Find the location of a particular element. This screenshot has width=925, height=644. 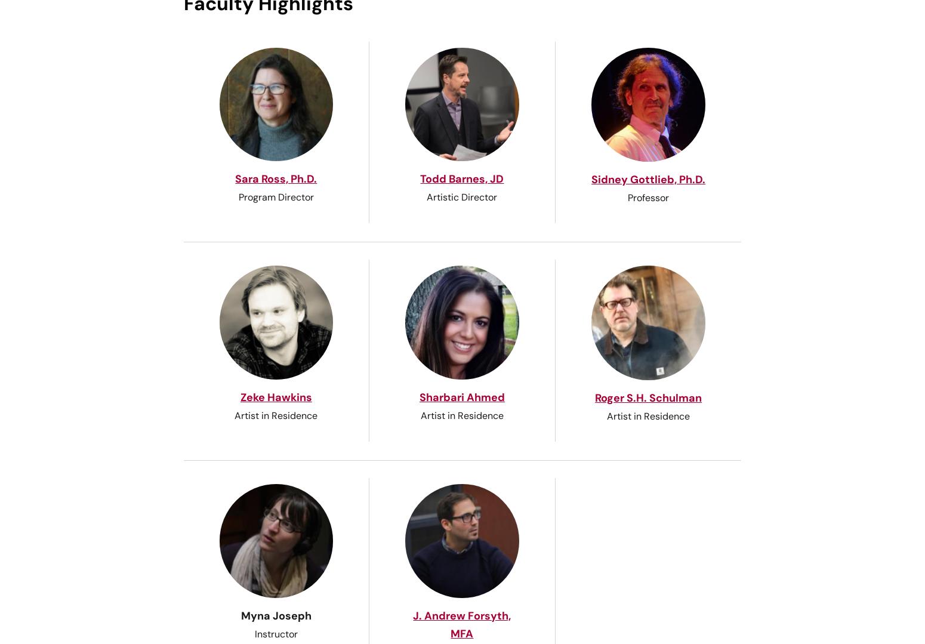

'Todd Barnes, JD' is located at coordinates (462, 178).